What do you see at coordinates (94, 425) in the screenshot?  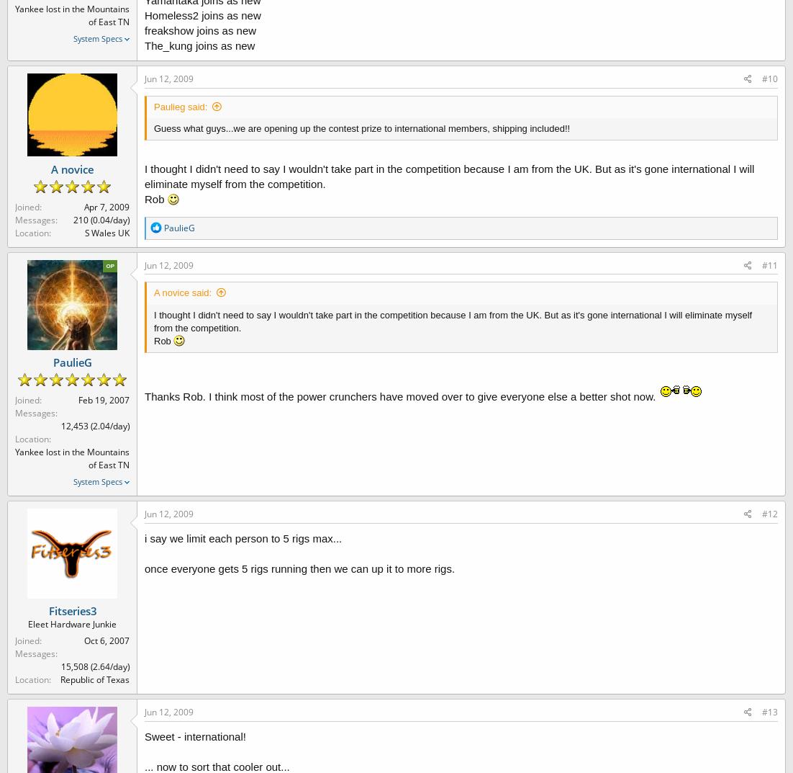 I see `'12,453
	(2.04/day)'` at bounding box center [94, 425].